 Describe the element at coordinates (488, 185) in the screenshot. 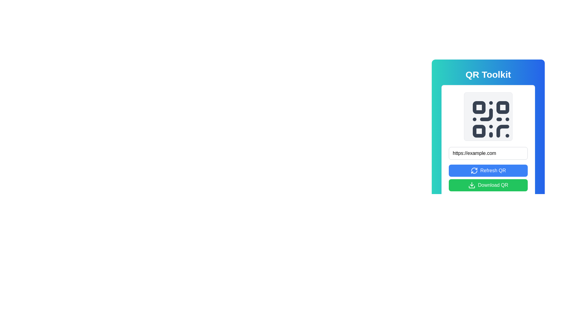

I see `the green rectangular button labeled 'Download QR'` at that location.